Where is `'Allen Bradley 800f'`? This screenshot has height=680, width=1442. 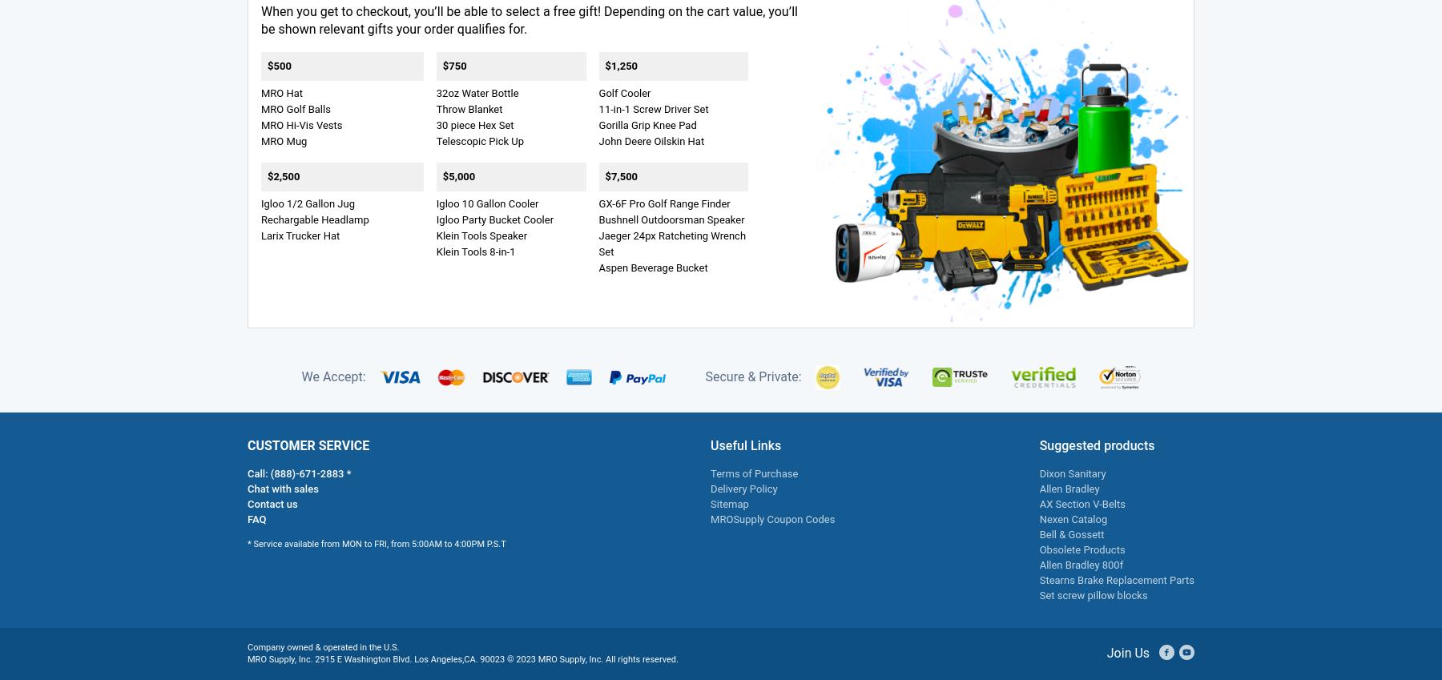
'Allen Bradley 800f' is located at coordinates (1039, 563).